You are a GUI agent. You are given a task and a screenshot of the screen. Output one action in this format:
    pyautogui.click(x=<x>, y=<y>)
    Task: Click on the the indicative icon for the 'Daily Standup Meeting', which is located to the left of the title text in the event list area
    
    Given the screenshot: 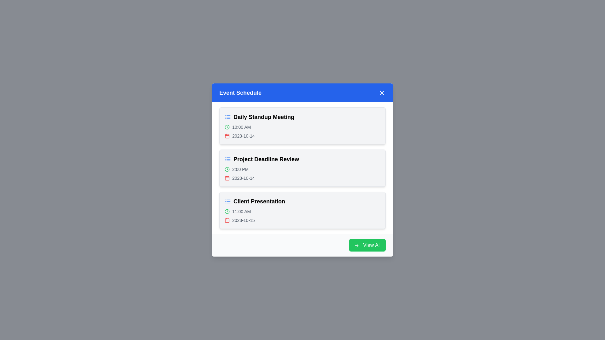 What is the action you would take?
    pyautogui.click(x=228, y=117)
    